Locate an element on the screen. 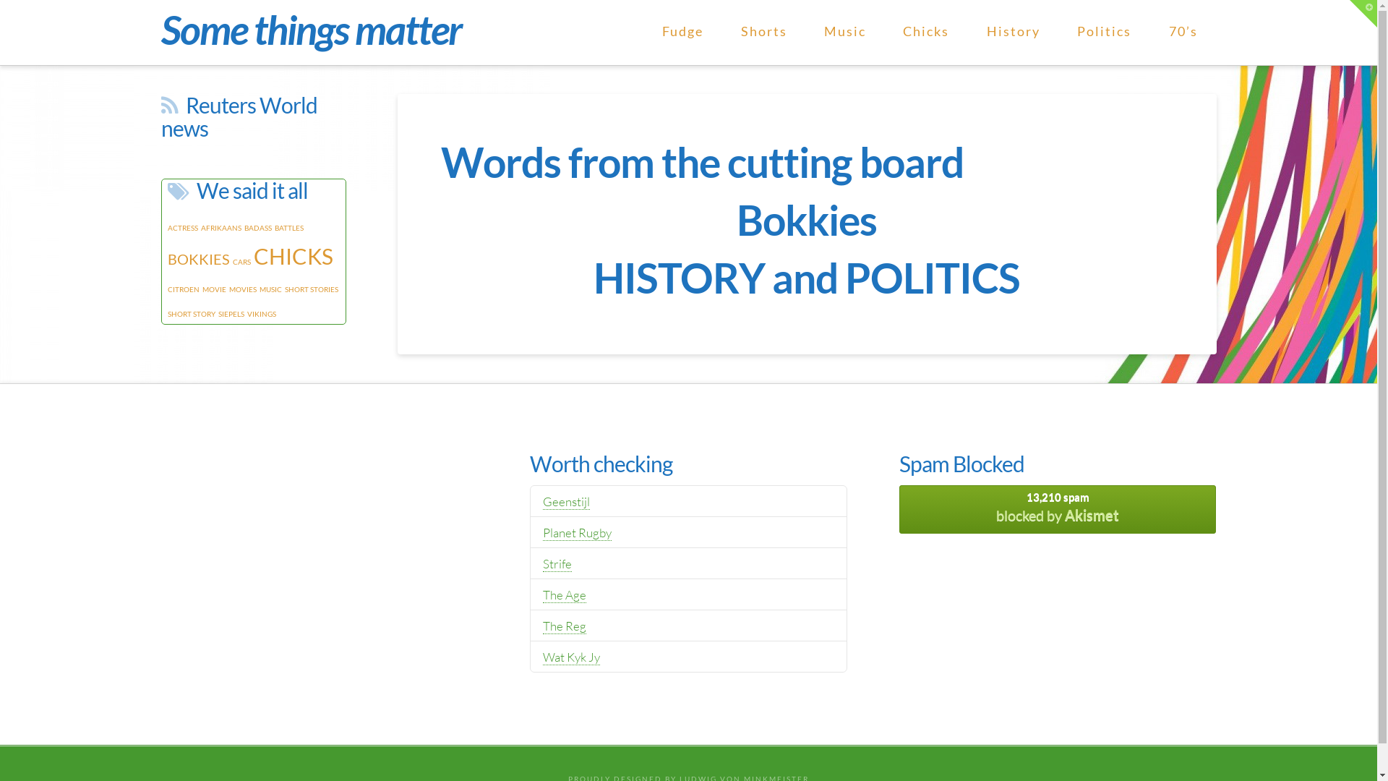  'MOVIE' is located at coordinates (201, 289).